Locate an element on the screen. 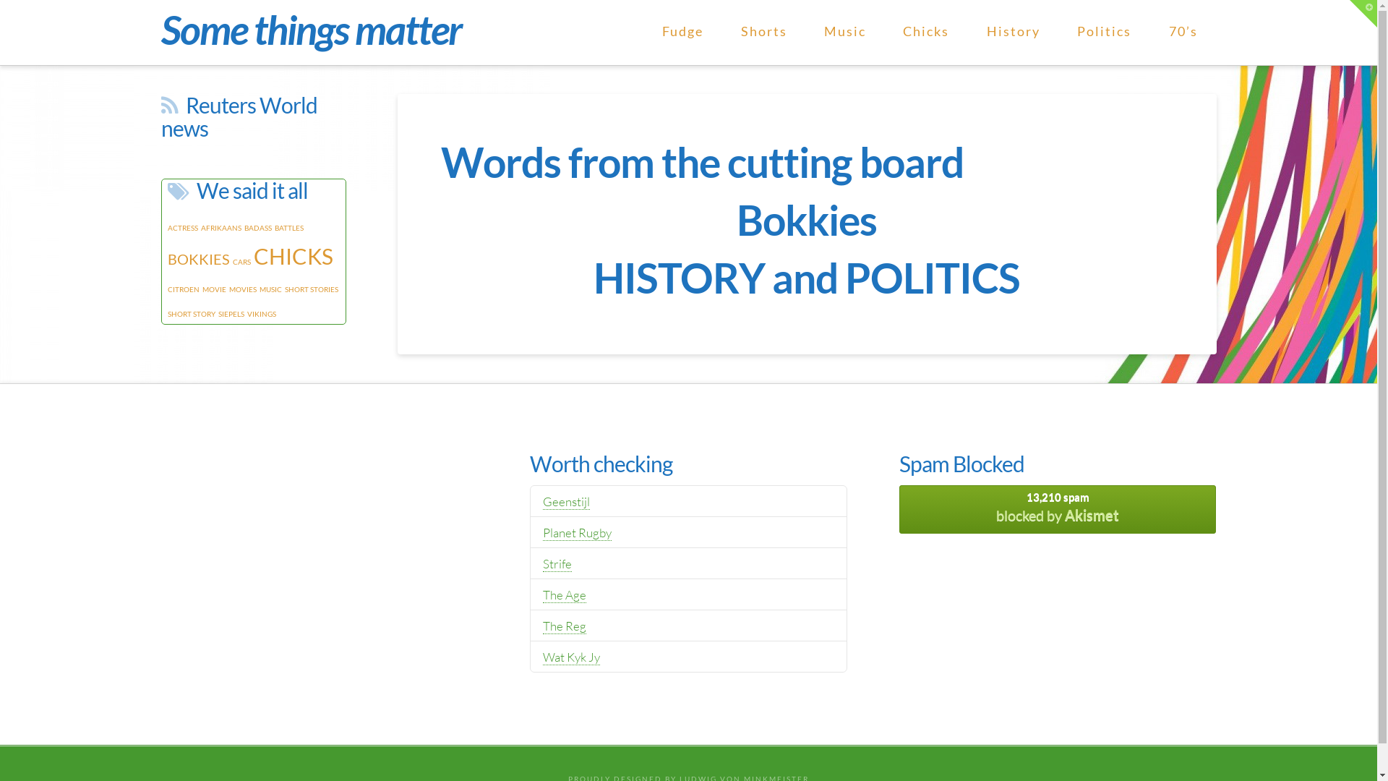  'MOVIE' is located at coordinates (201, 289).